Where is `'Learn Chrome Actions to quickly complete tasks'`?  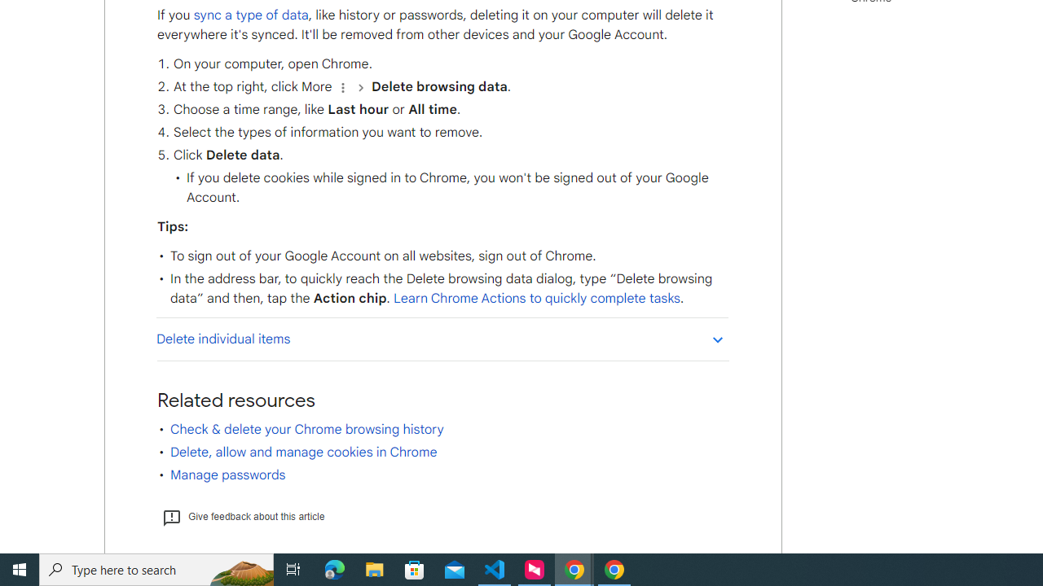
'Learn Chrome Actions to quickly complete tasks' is located at coordinates (536, 299).